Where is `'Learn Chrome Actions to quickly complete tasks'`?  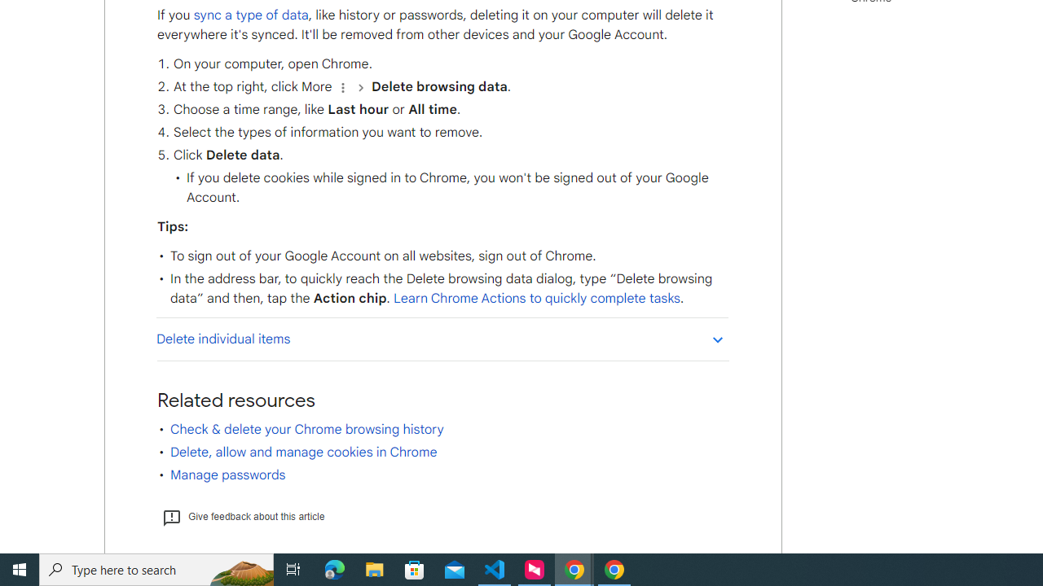
'Learn Chrome Actions to quickly complete tasks' is located at coordinates (536, 299).